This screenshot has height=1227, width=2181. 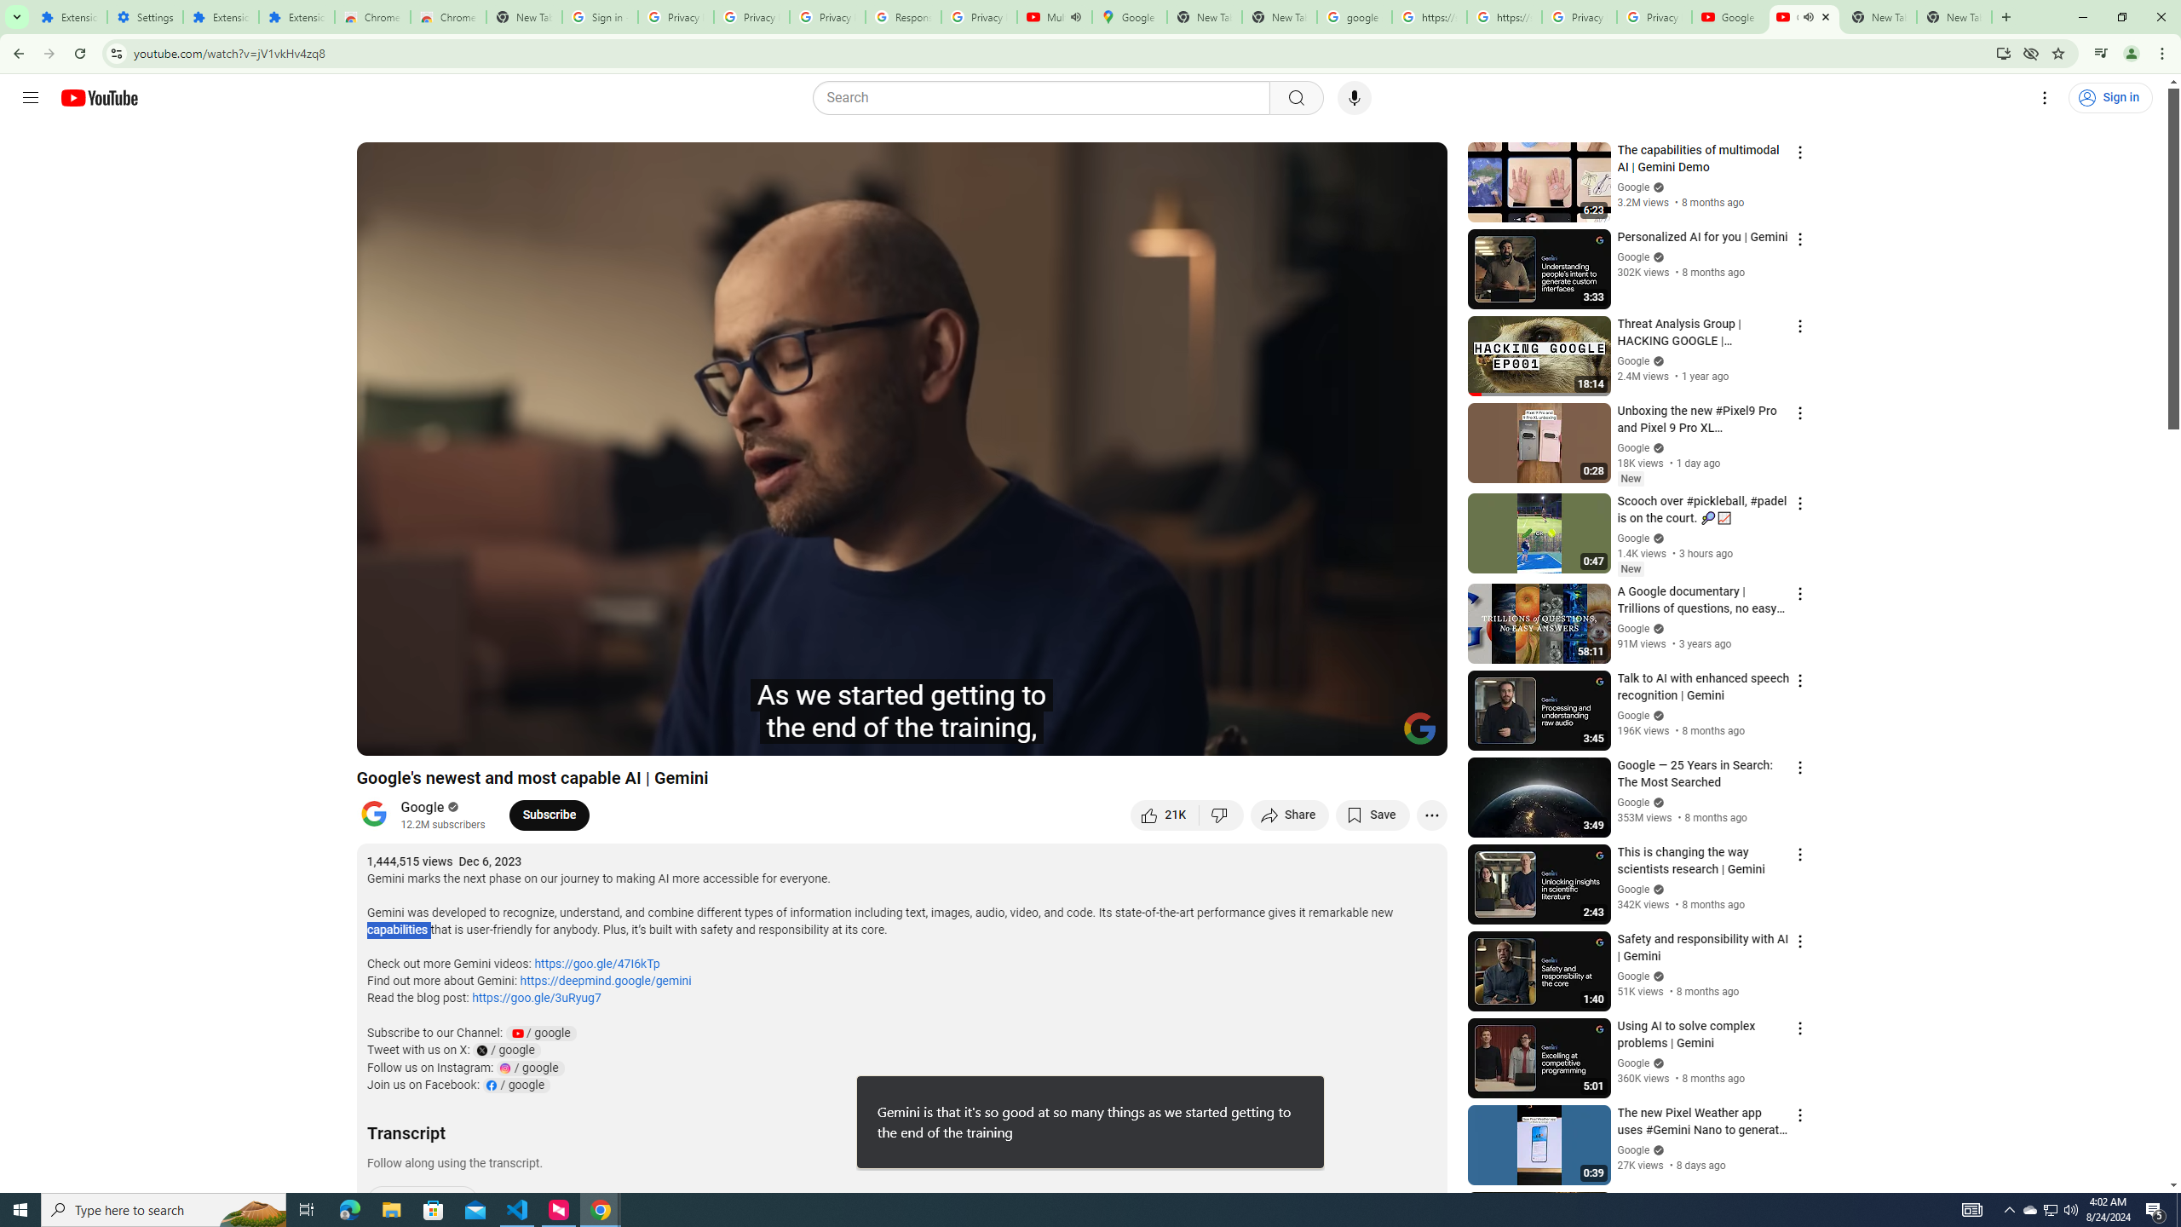 I want to click on 'Twitter Channel Link: google', so click(x=504, y=1050).